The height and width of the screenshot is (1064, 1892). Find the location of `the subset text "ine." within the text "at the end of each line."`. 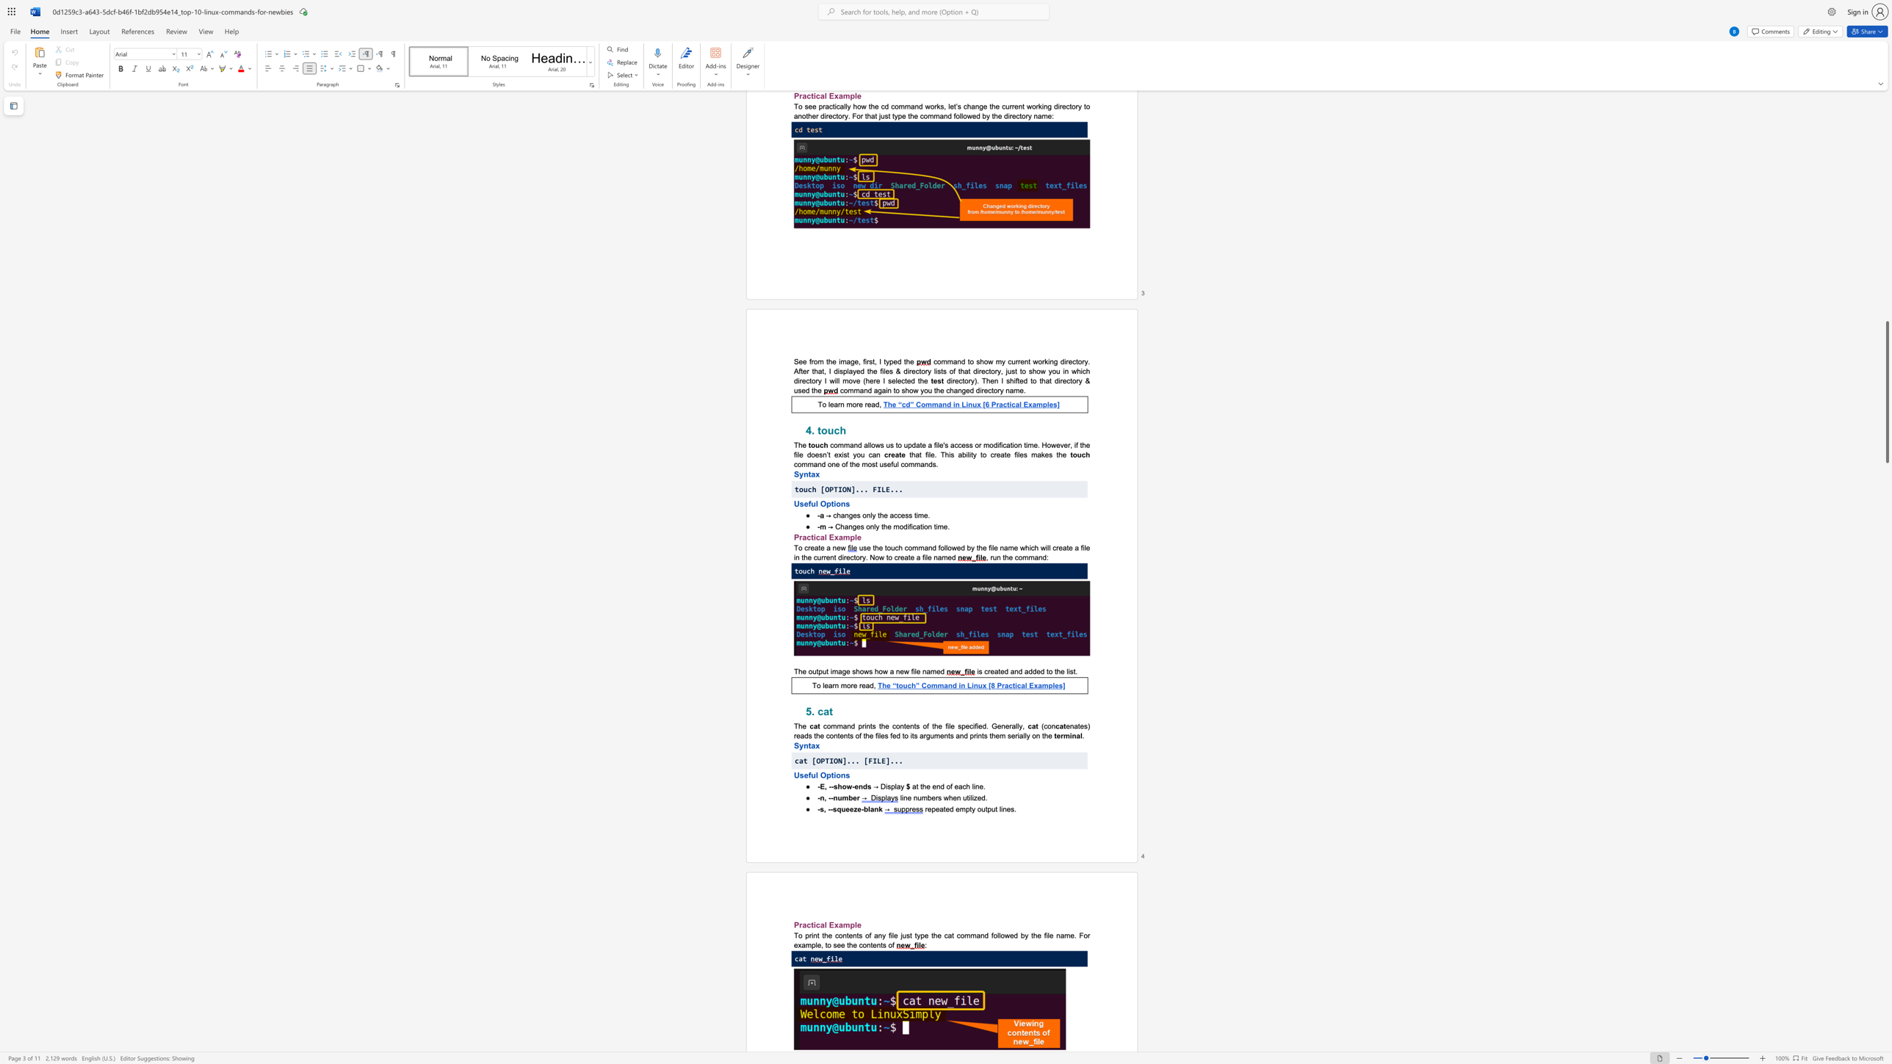

the subset text "ine." within the text "at the end of each line." is located at coordinates (974, 786).